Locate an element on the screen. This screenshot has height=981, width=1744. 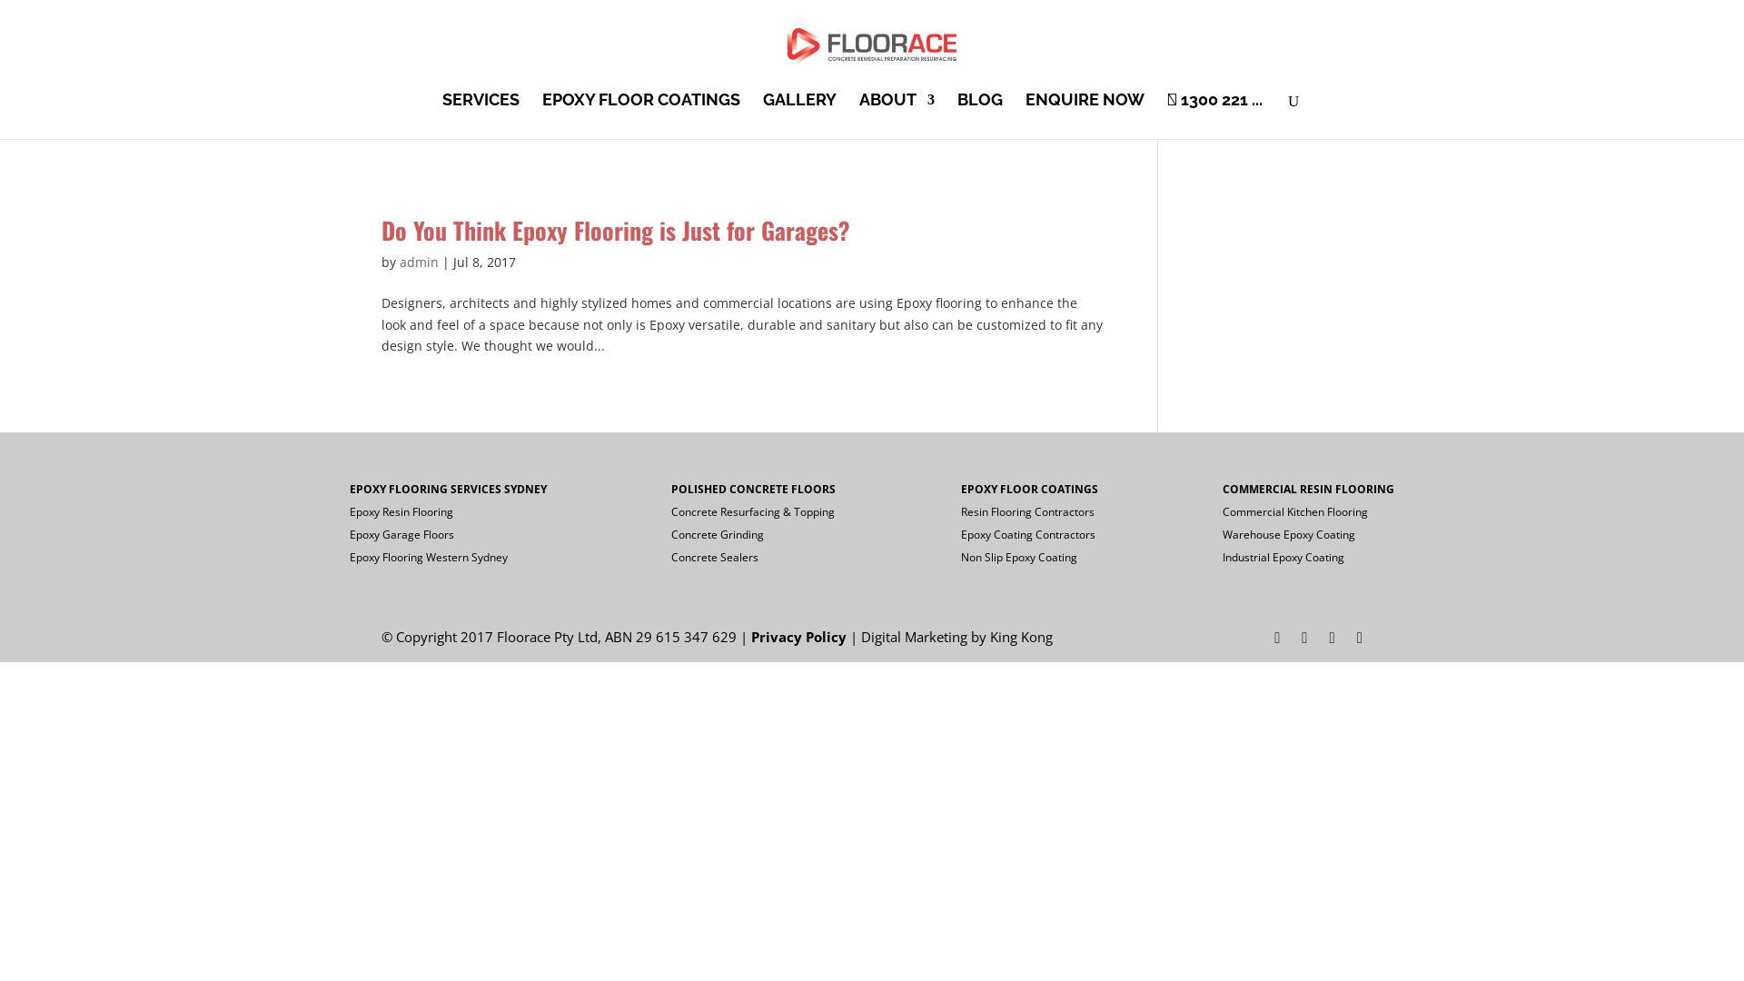
'SERVICES' is located at coordinates (481, 115).